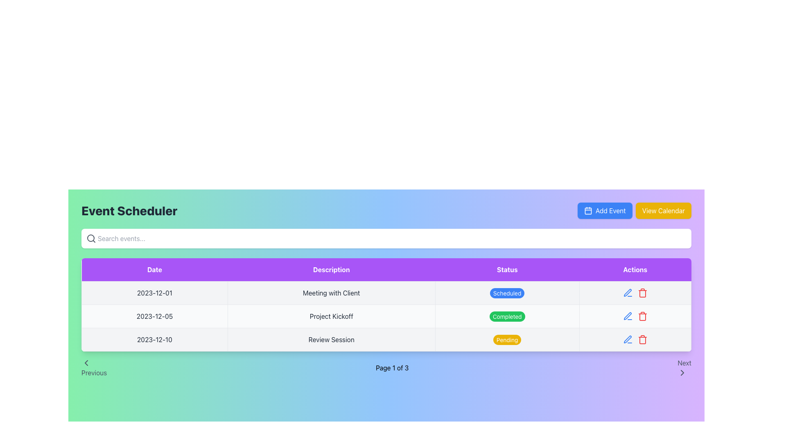  I want to click on the decorative icon within the 'Add Event' button located at the upper right of the application interface, which emphasizes the button's purpose related to event scheduling, so click(587, 210).